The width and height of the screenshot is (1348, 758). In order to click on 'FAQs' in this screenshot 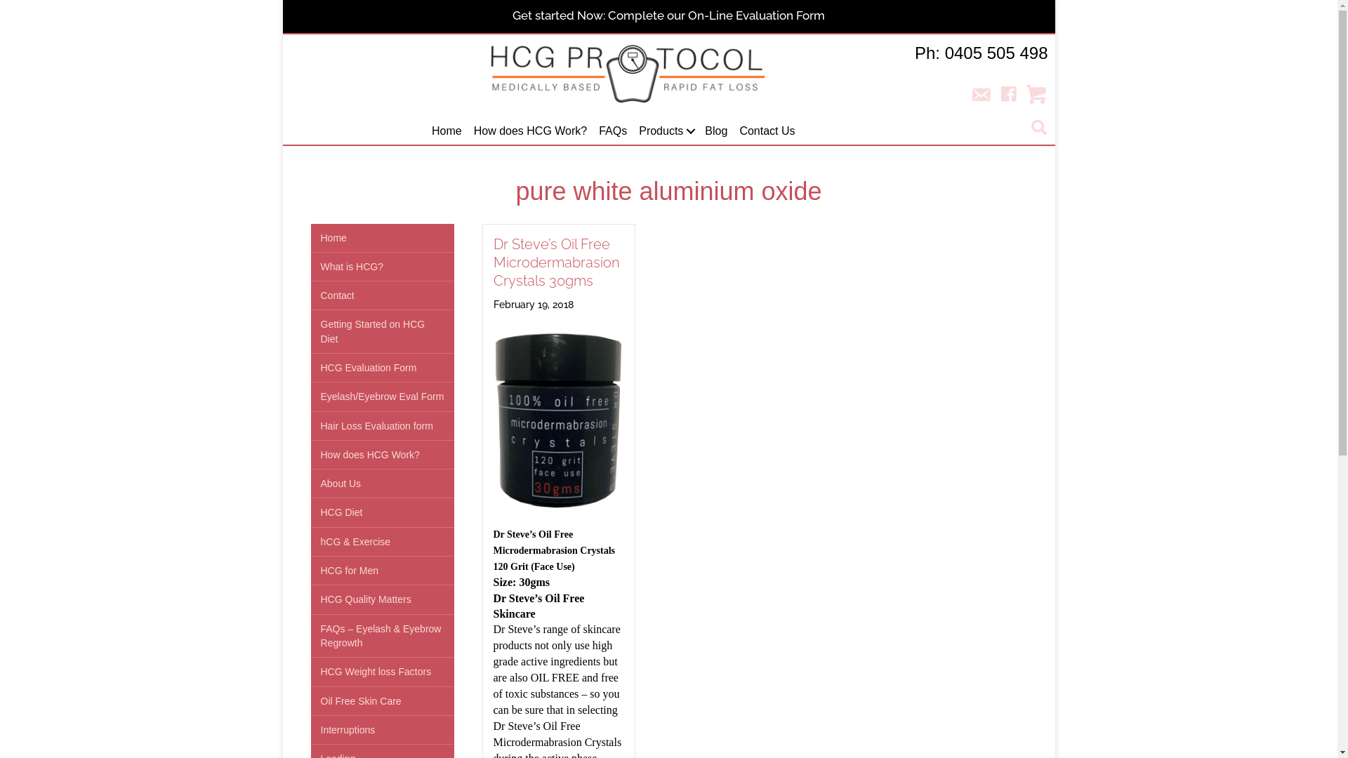, I will do `click(613, 131)`.